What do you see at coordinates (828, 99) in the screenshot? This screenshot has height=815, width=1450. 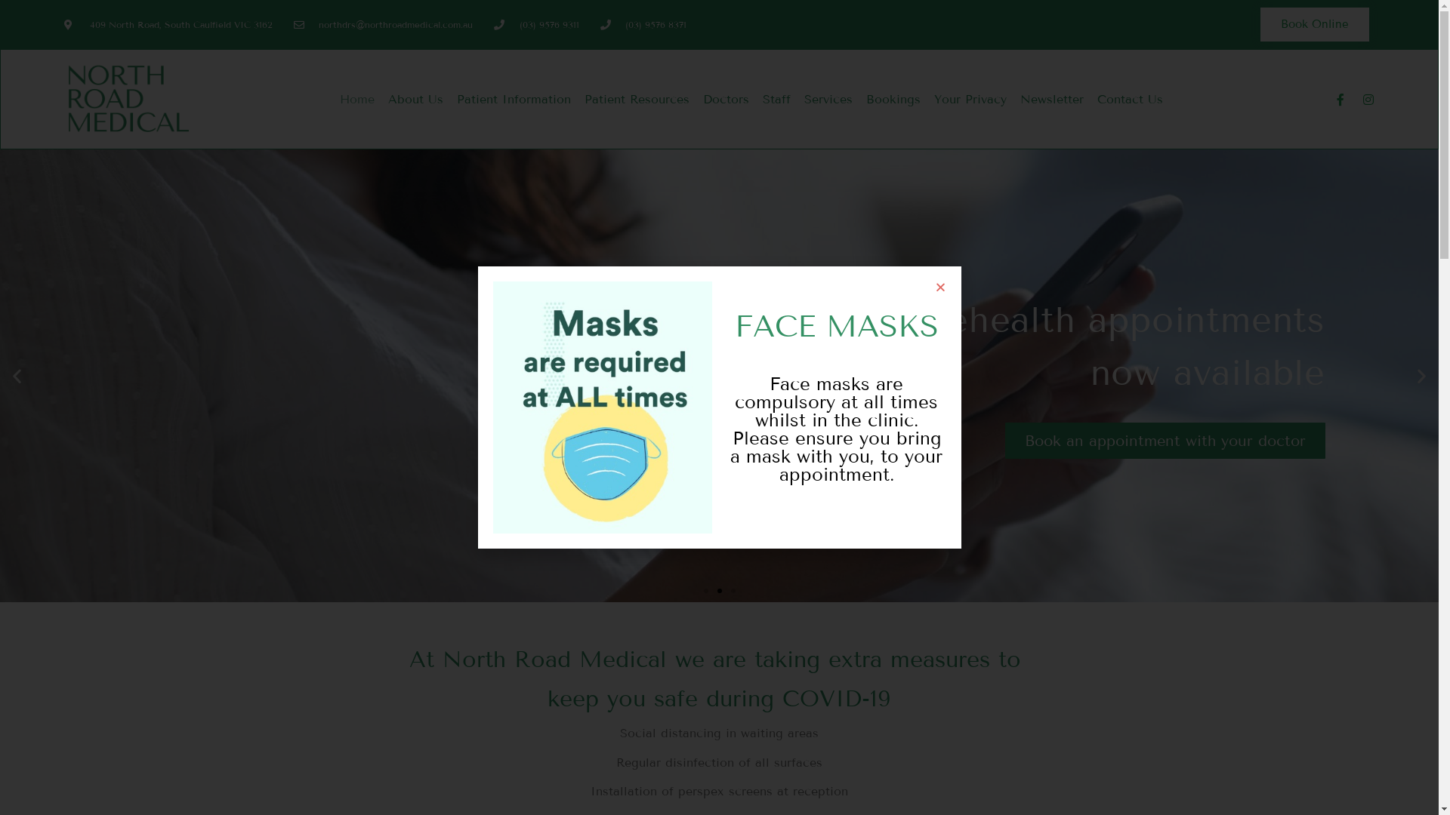 I see `'Services'` at bounding box center [828, 99].